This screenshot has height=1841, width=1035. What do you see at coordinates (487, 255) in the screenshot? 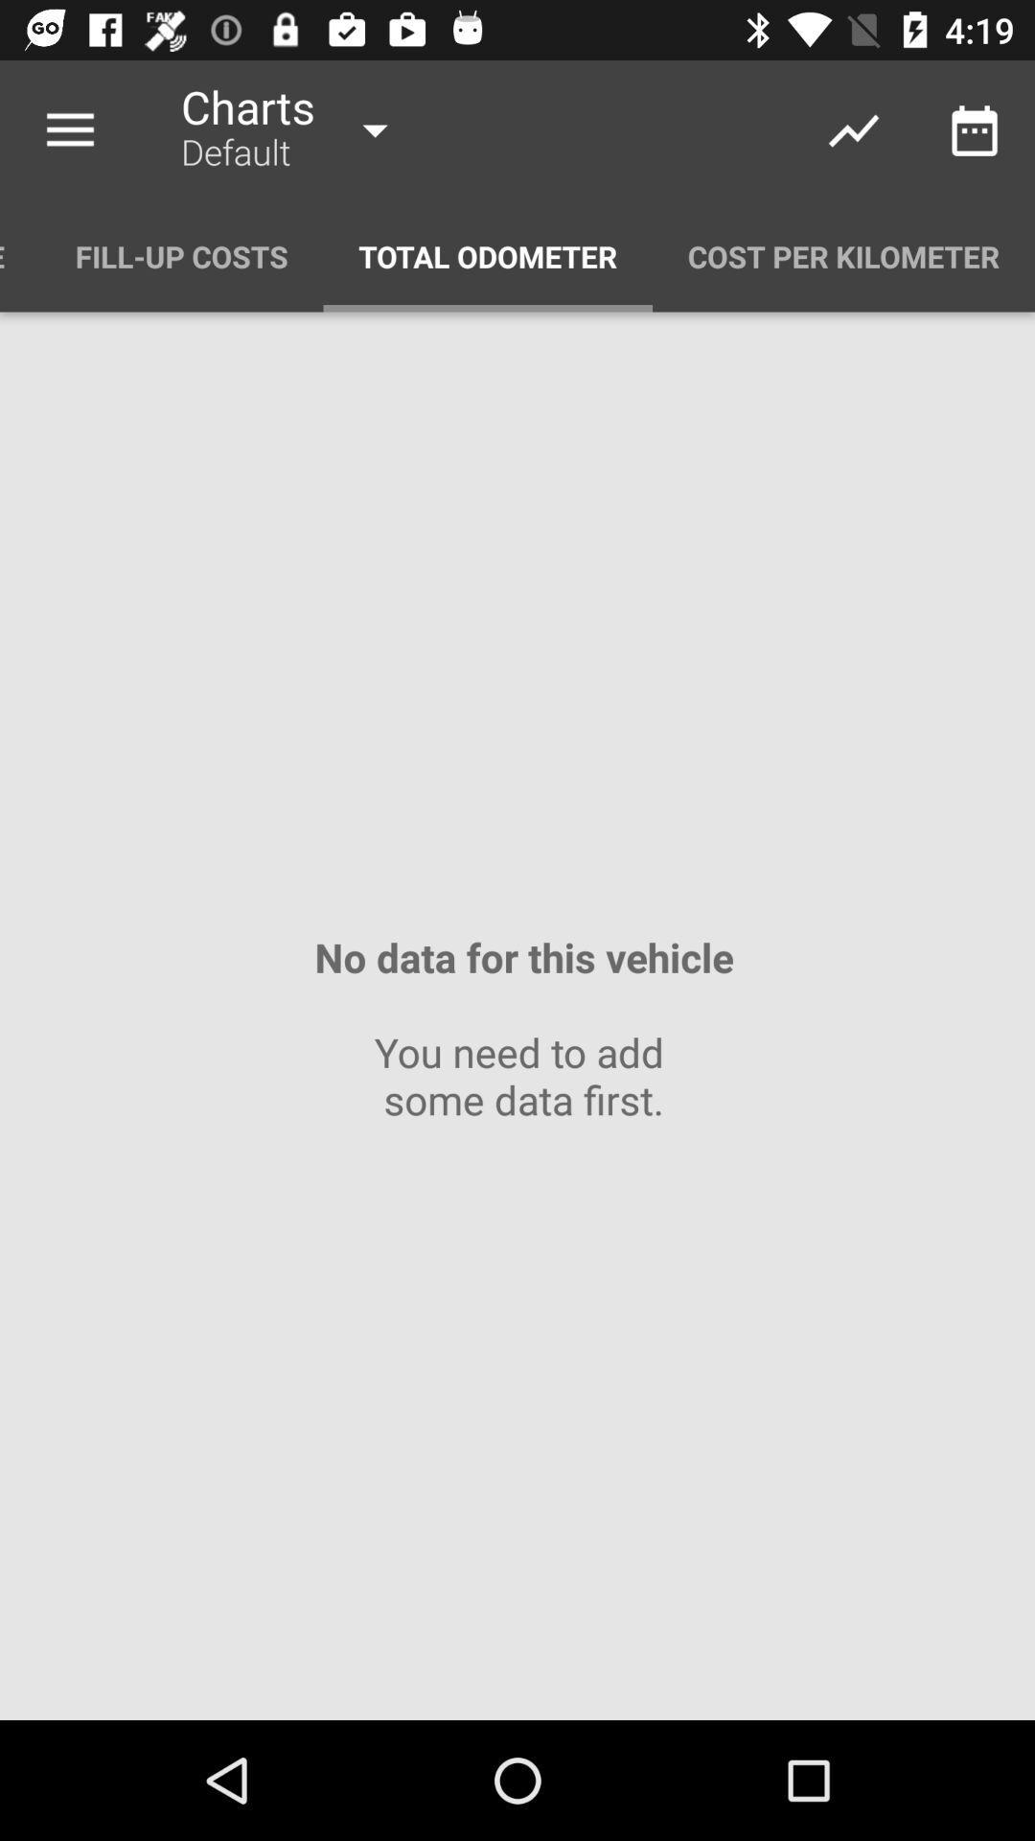
I see `icon below default icon` at bounding box center [487, 255].